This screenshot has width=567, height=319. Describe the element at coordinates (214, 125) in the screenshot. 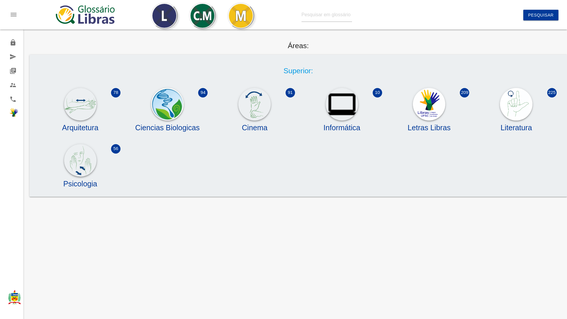

I see `'91` at that location.